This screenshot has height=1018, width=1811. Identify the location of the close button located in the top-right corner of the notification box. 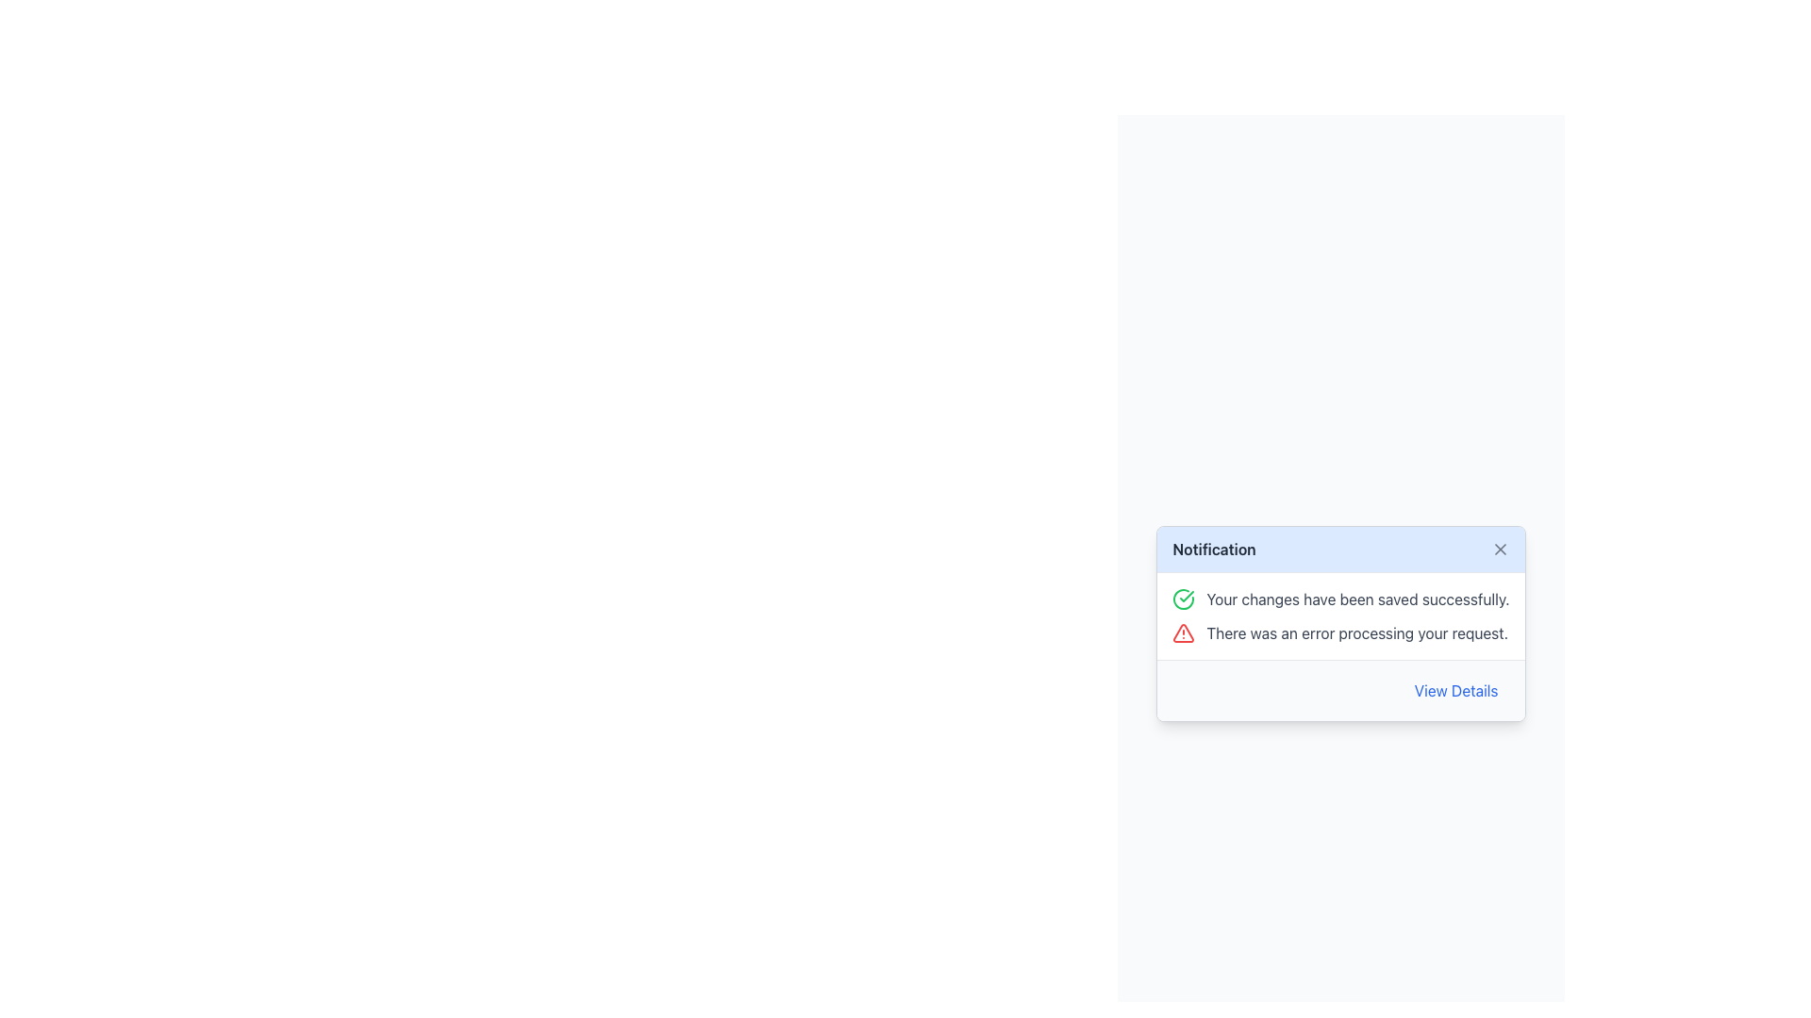
(1499, 549).